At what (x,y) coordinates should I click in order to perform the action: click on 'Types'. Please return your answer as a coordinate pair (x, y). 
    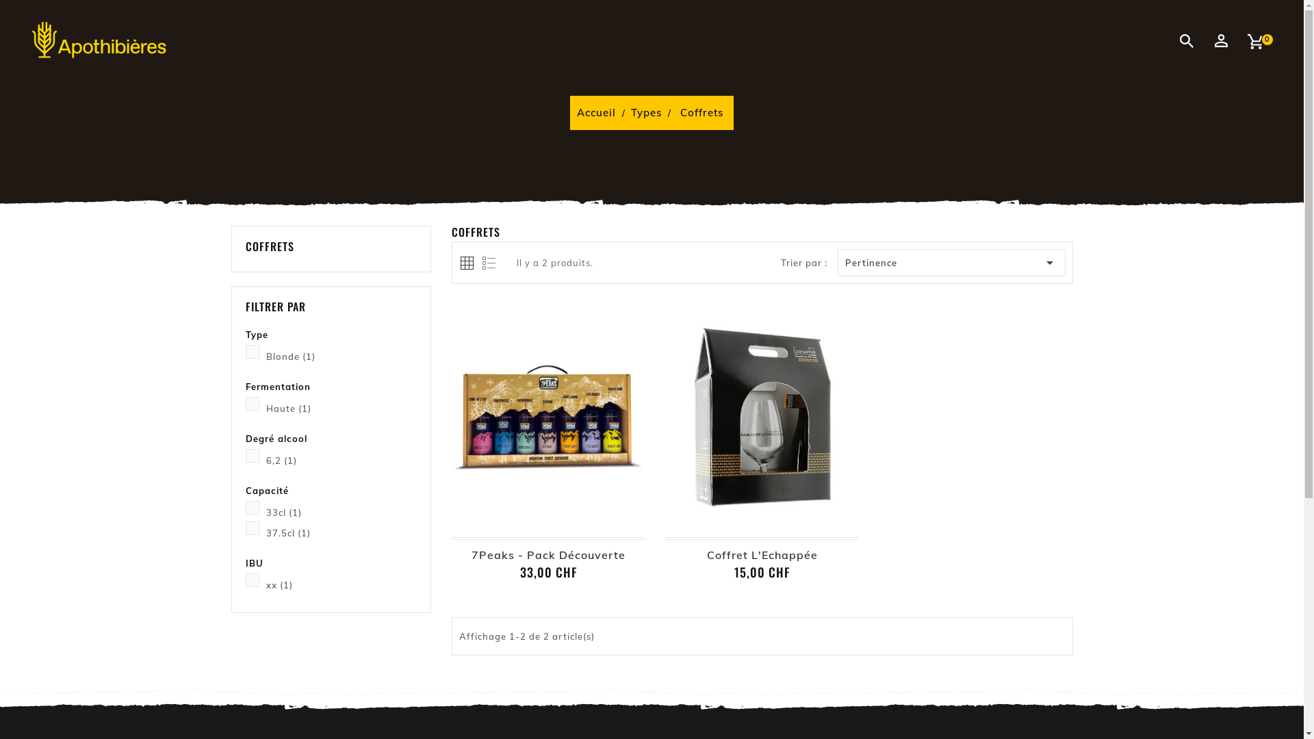
    Looking at the image, I should click on (630, 112).